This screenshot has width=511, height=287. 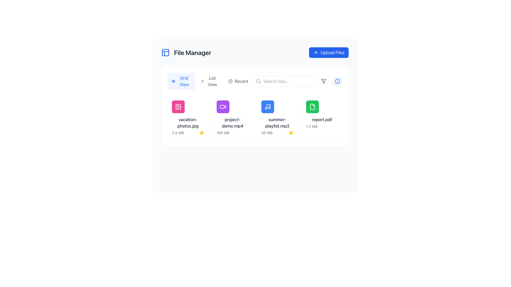 I want to click on the grid icon button with a square outline and blue highlight located in the header section of the 'File Manager' panel, adjacent to the label 'Grid View', to change to grid view, so click(x=174, y=81).